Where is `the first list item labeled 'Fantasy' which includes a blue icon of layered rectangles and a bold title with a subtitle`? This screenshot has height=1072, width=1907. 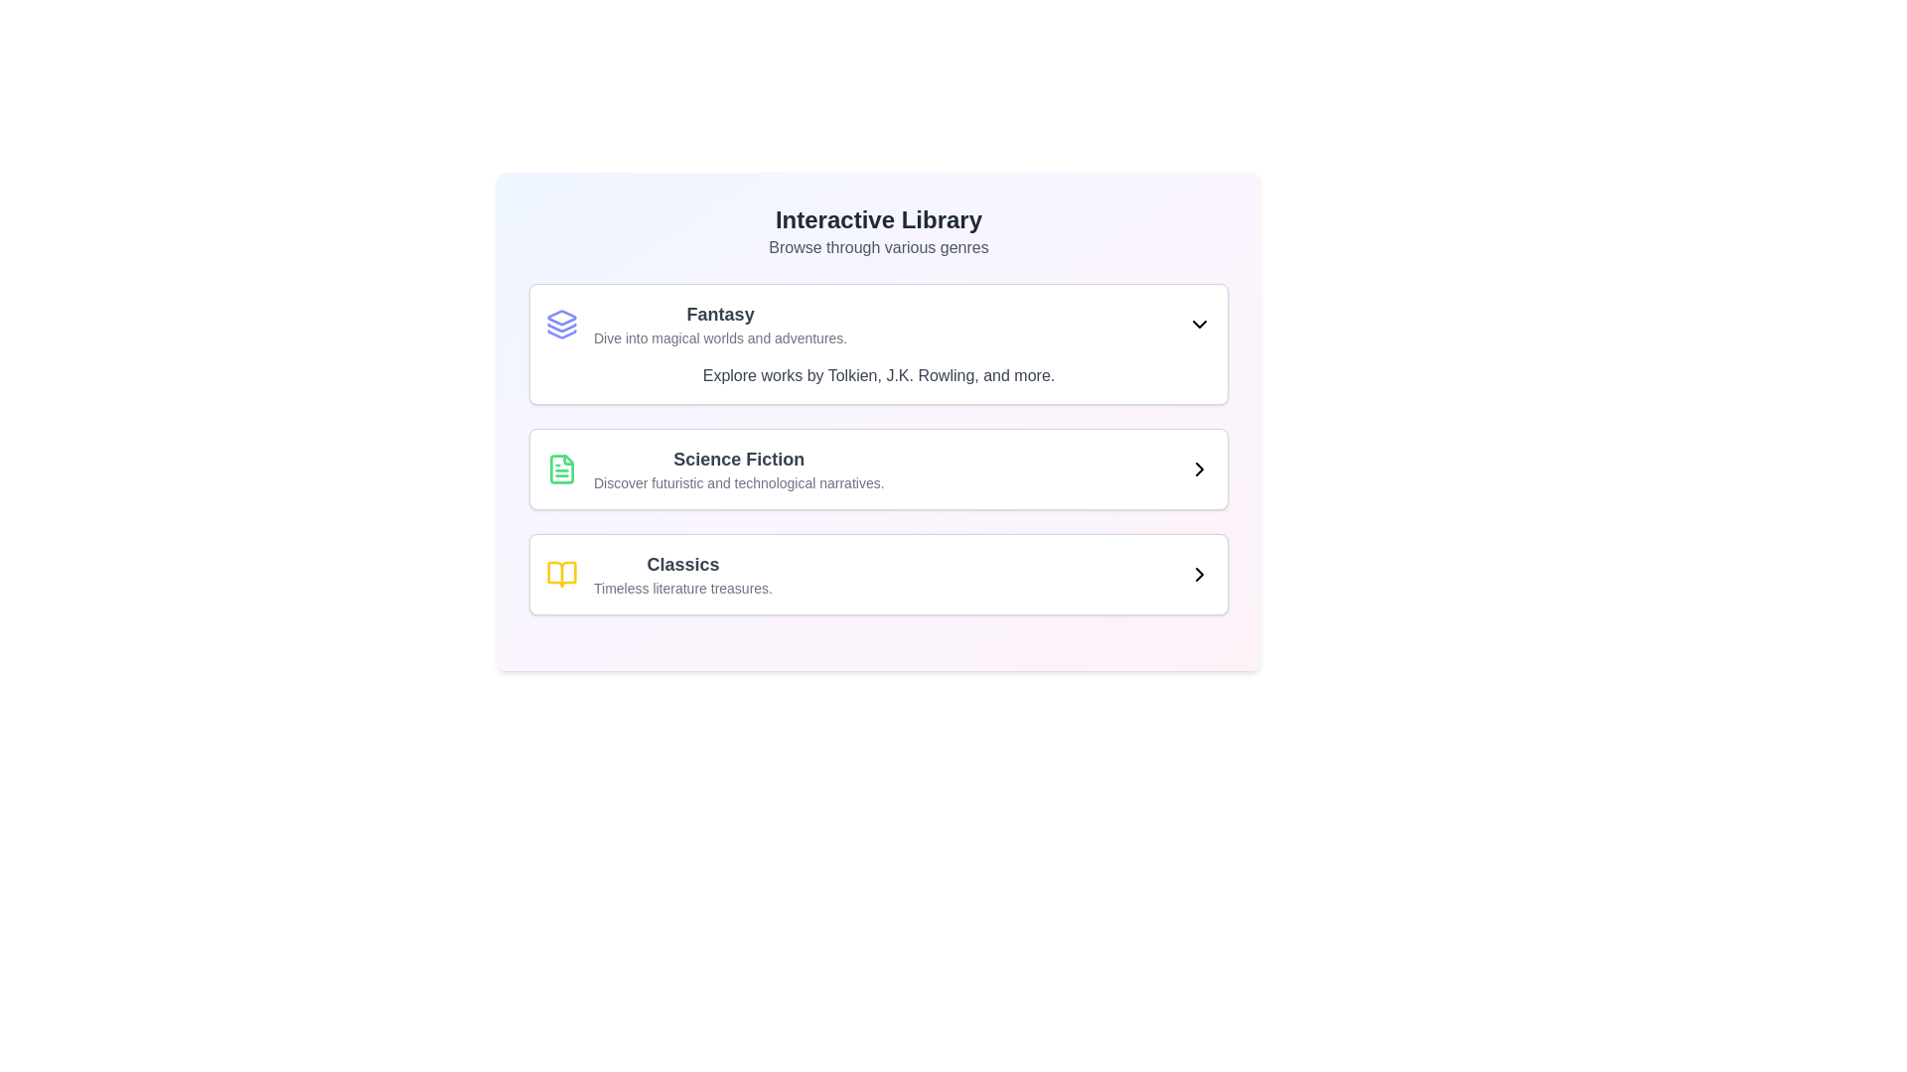
the first list item labeled 'Fantasy' which includes a blue icon of layered rectangles and a bold title with a subtitle is located at coordinates (696, 324).